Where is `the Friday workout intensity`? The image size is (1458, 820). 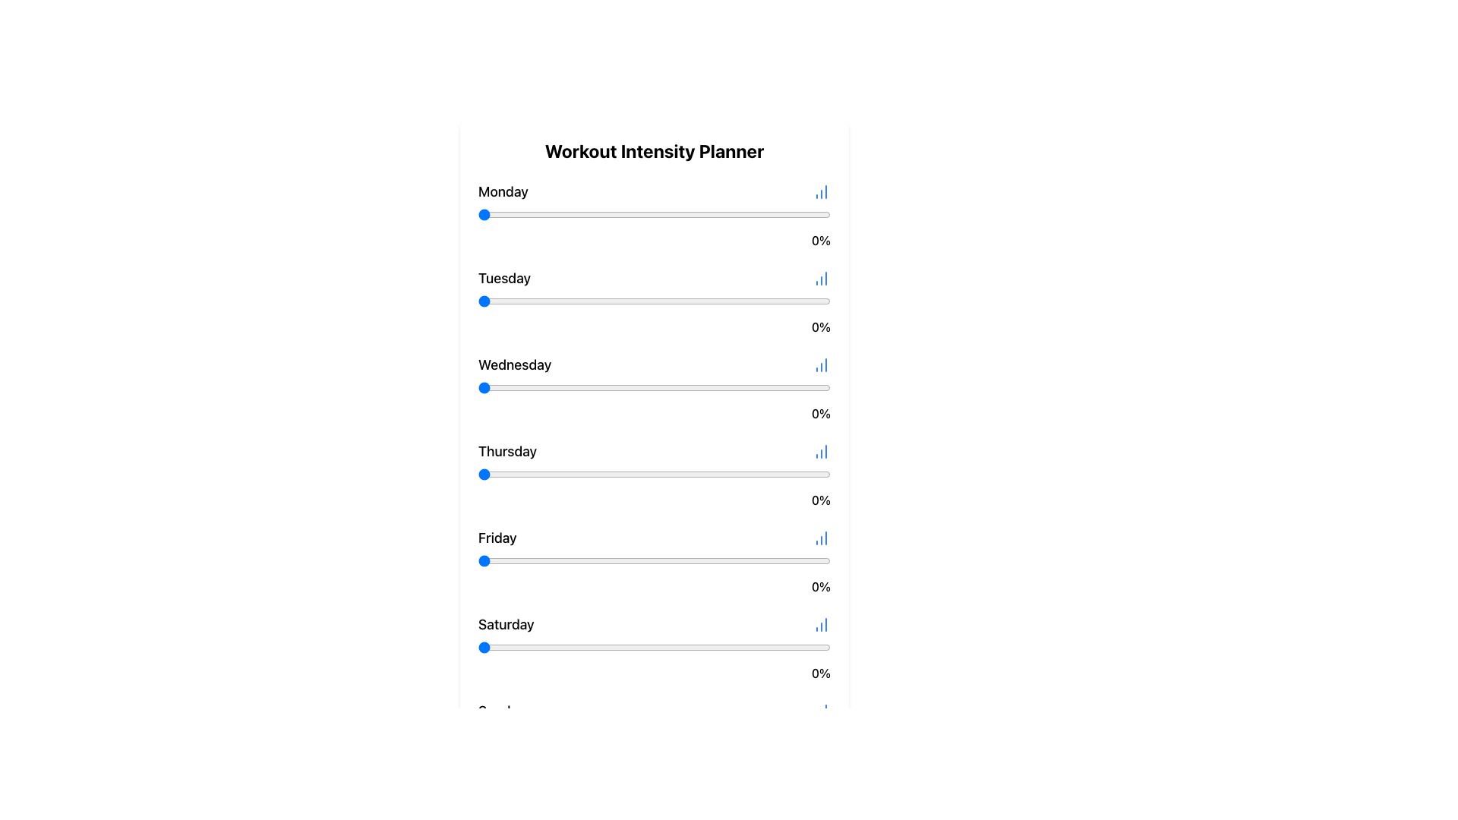
the Friday workout intensity is located at coordinates (562, 561).